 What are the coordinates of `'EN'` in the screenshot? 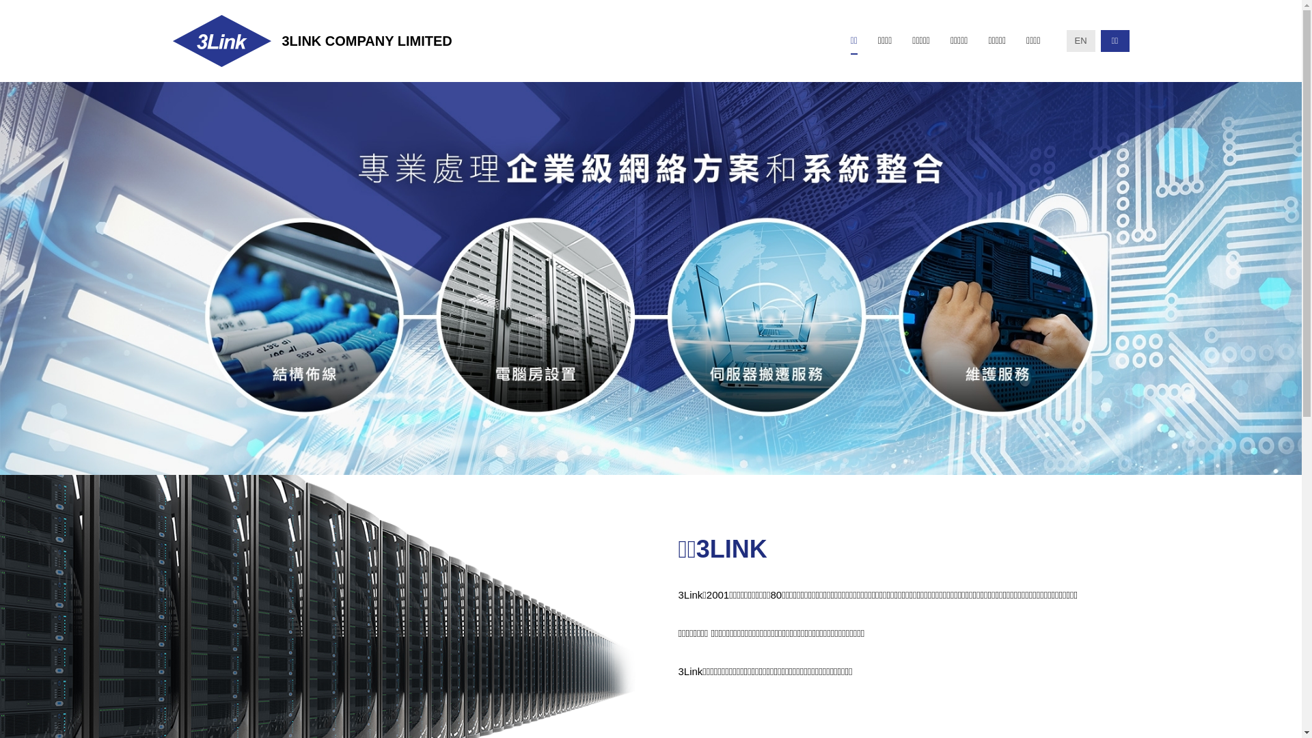 It's located at (1079, 40).